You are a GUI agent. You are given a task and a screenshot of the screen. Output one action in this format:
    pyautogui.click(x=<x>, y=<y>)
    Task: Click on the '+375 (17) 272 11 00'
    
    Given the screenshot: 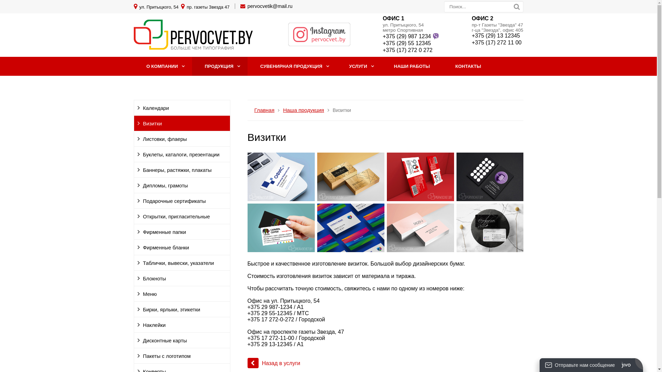 What is the action you would take?
    pyautogui.click(x=496, y=42)
    